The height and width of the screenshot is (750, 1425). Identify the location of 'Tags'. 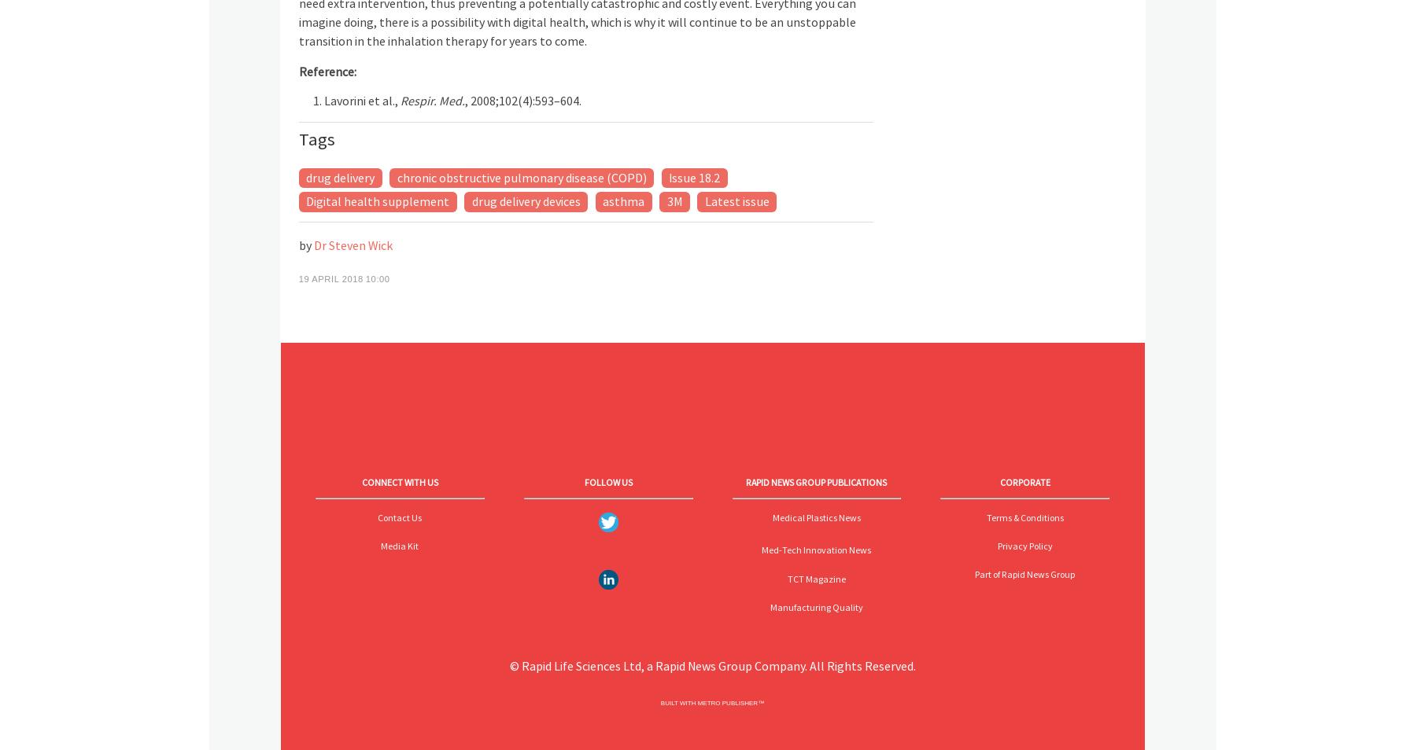
(316, 139).